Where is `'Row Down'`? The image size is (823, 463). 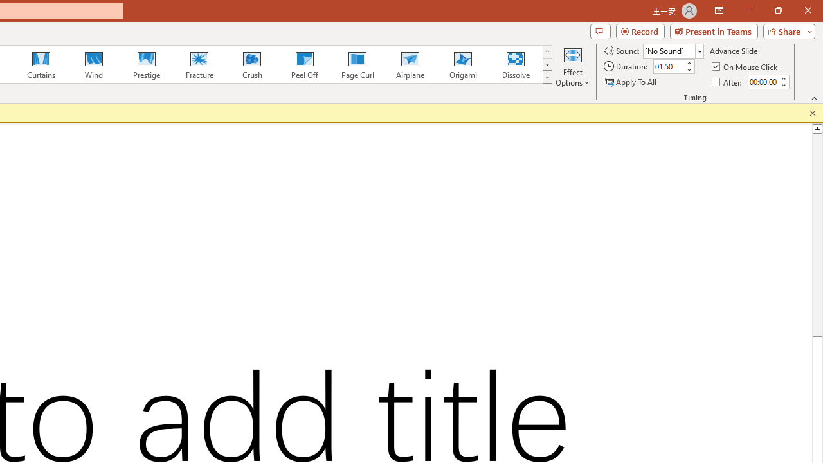 'Row Down' is located at coordinates (547, 64).